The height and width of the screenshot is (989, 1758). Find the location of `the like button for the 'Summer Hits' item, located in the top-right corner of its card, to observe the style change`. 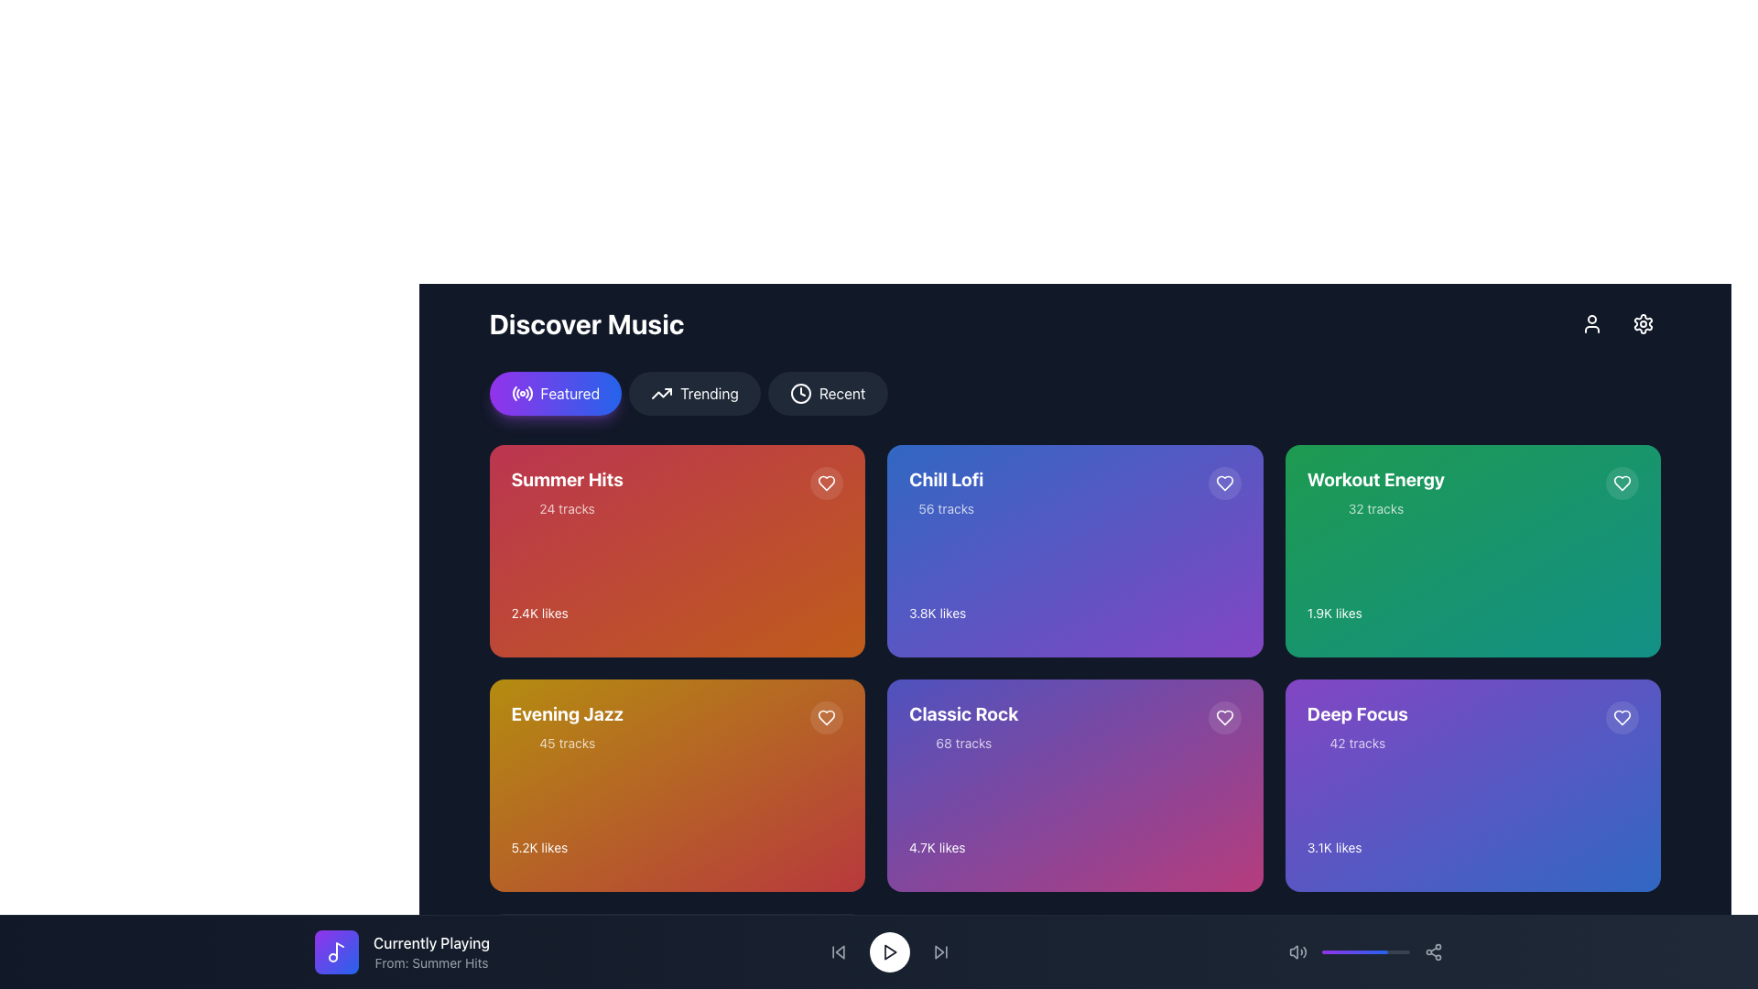

the like button for the 'Summer Hits' item, located in the top-right corner of its card, to observe the style change is located at coordinates (826, 483).